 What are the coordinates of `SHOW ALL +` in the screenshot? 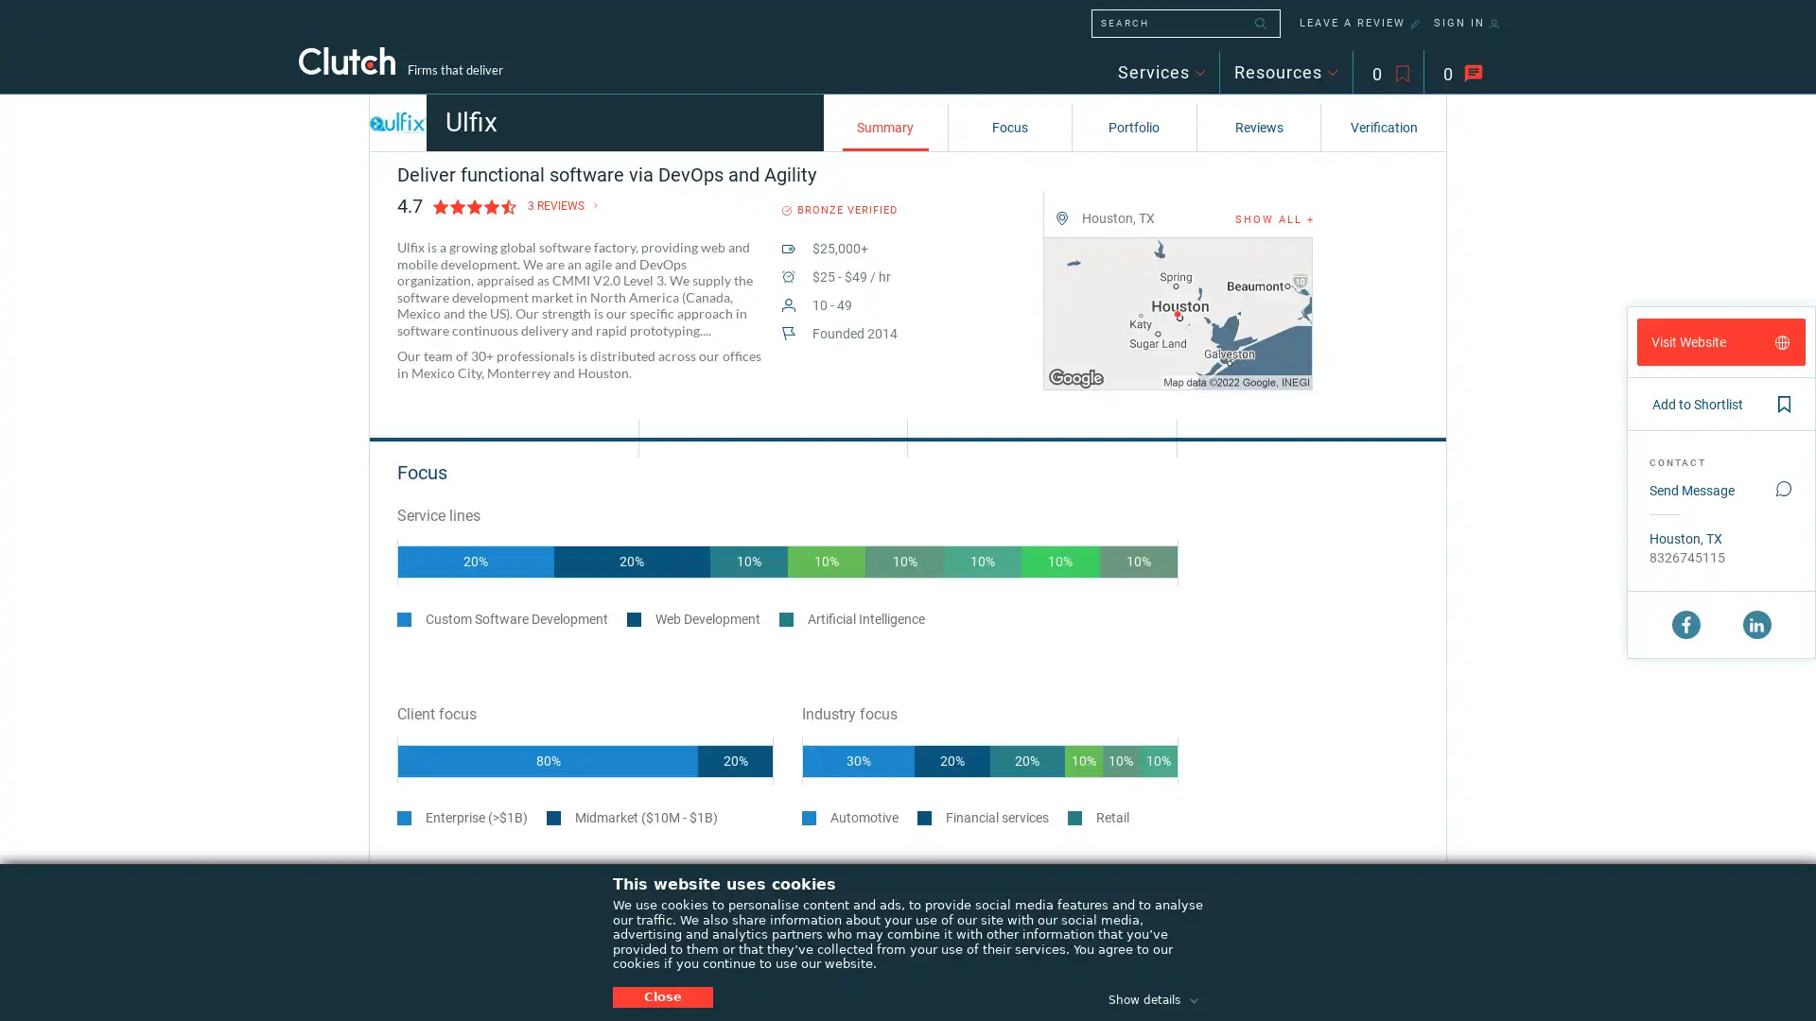 It's located at (1272, 217).